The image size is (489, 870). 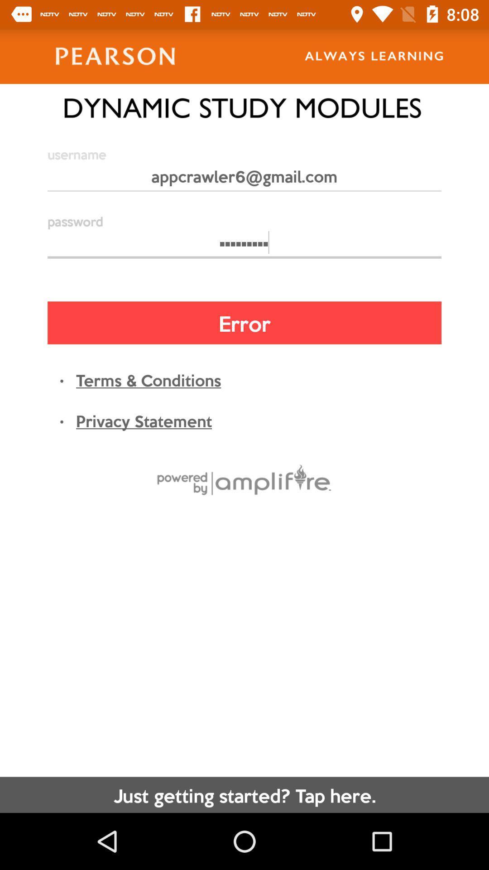 What do you see at coordinates (244, 247) in the screenshot?
I see `crowd3116` at bounding box center [244, 247].